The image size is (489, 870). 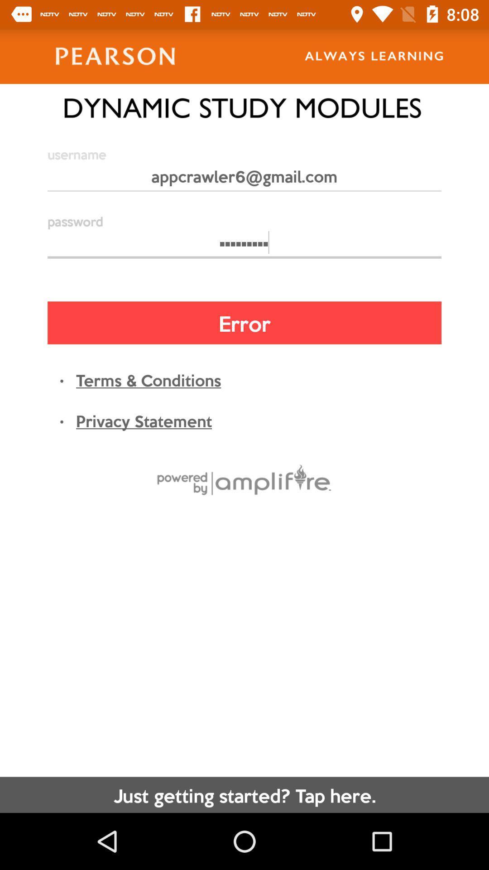 What do you see at coordinates (244, 247) in the screenshot?
I see `crowd3116` at bounding box center [244, 247].